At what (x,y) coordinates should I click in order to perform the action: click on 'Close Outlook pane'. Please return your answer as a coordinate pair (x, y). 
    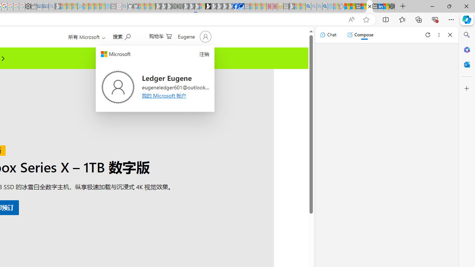
    Looking at the image, I should click on (466, 64).